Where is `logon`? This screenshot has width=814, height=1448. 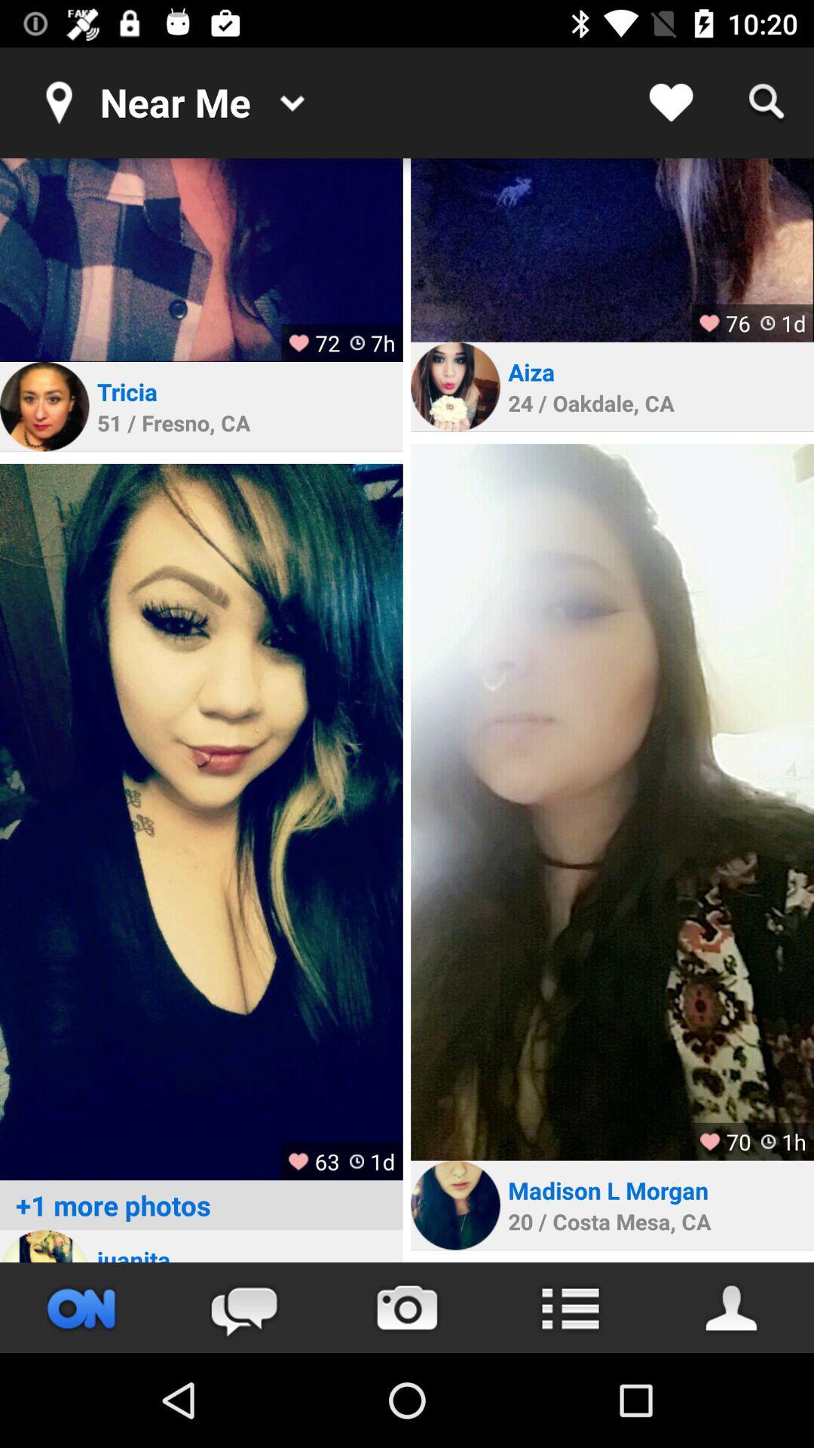
logon is located at coordinates (44, 1246).